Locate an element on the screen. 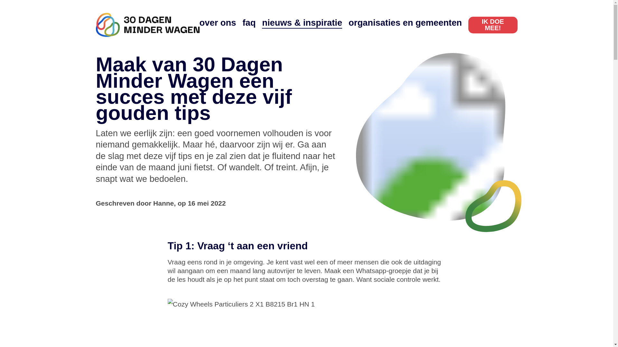 This screenshot has height=347, width=618. 'organisaties en gemeenten' is located at coordinates (405, 22).